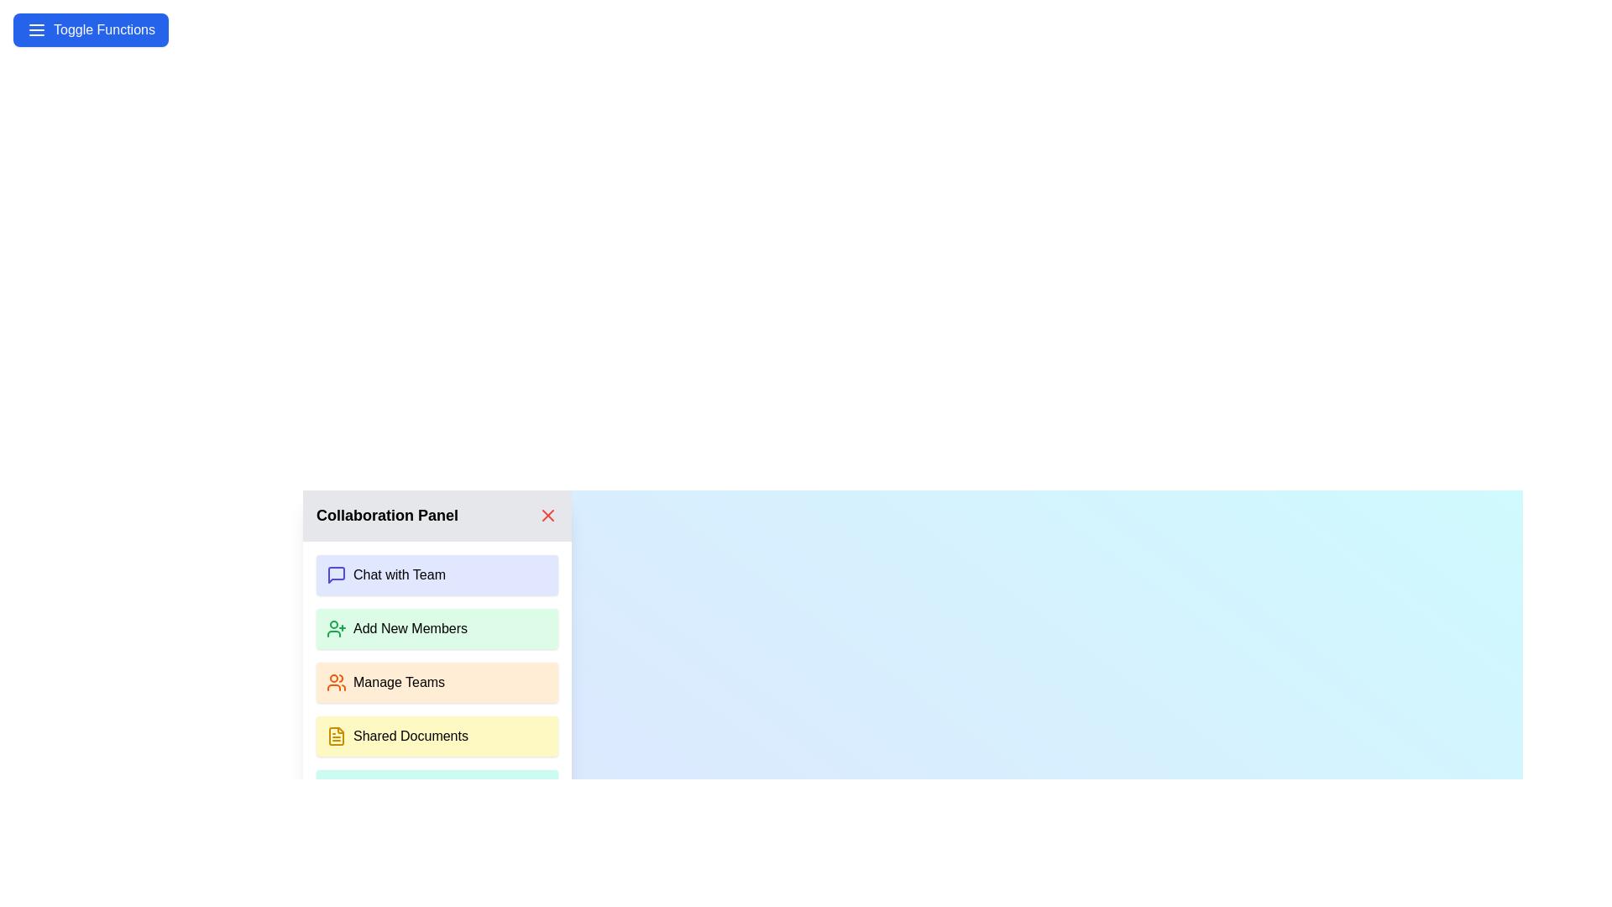 The width and height of the screenshot is (1612, 907). I want to click on the yellow document icon located in the fourth row of the menu under the Collaboration Panel, aligning with the 'Shared Documents' label, so click(336, 735).